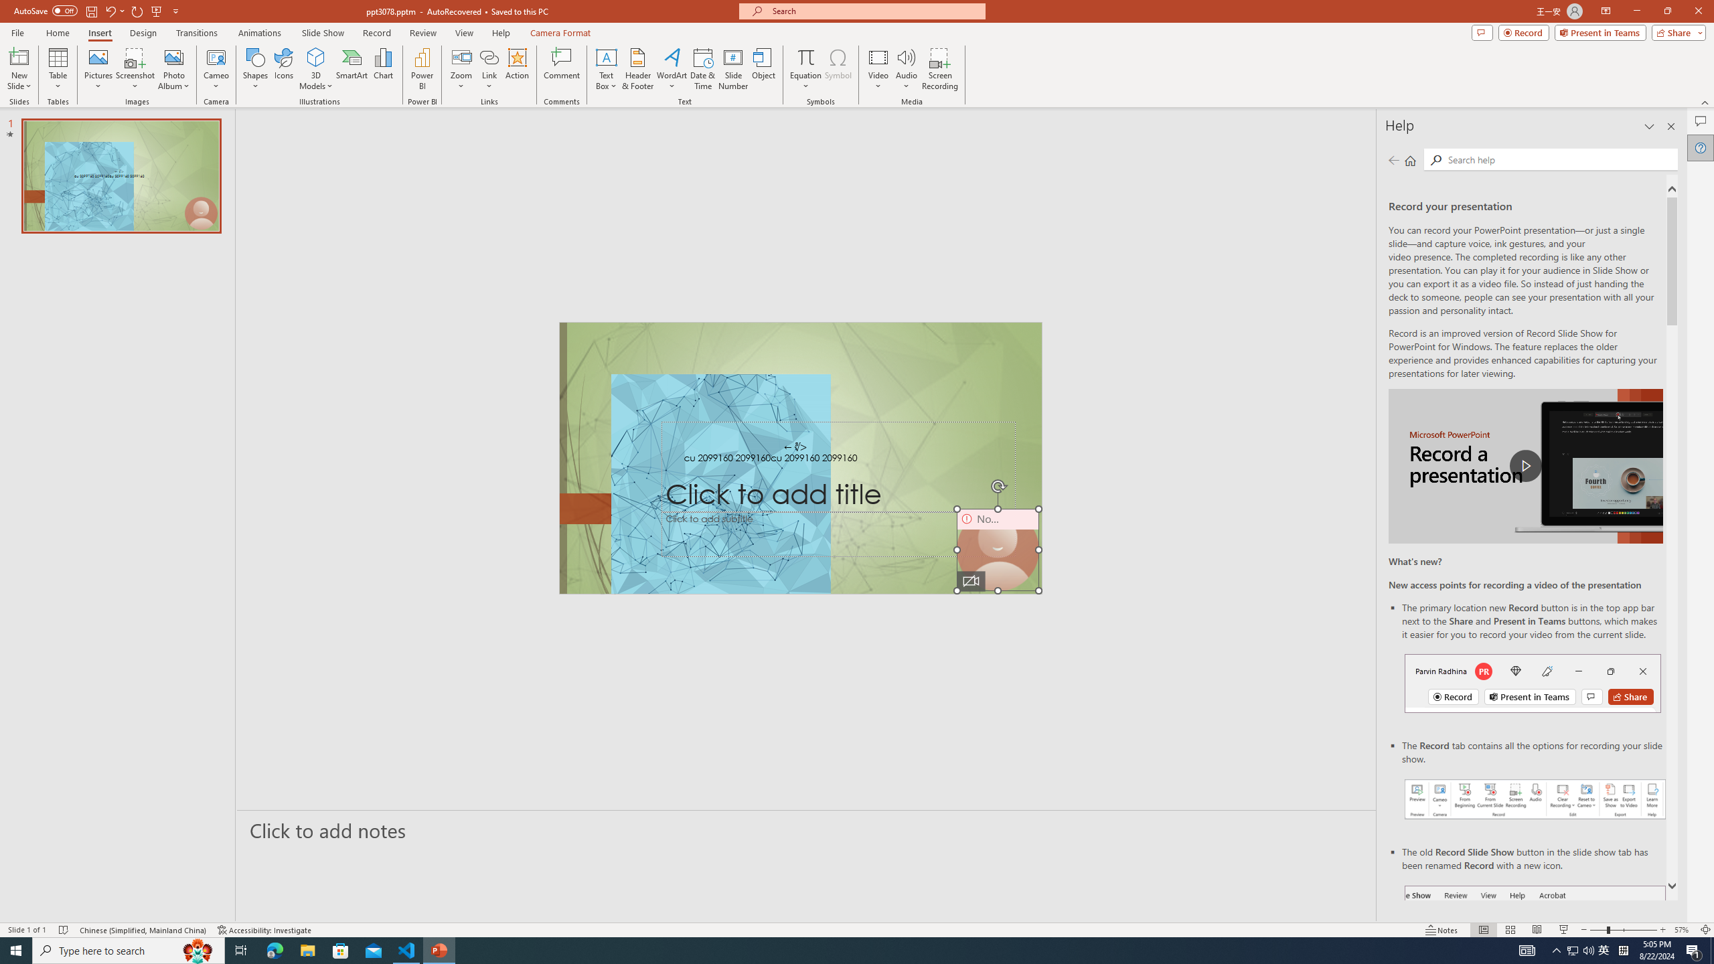 The height and width of the screenshot is (964, 1714). What do you see at coordinates (98, 69) in the screenshot?
I see `'Pictures'` at bounding box center [98, 69].